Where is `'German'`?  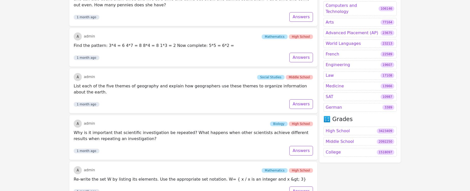
'German' is located at coordinates (334, 53).